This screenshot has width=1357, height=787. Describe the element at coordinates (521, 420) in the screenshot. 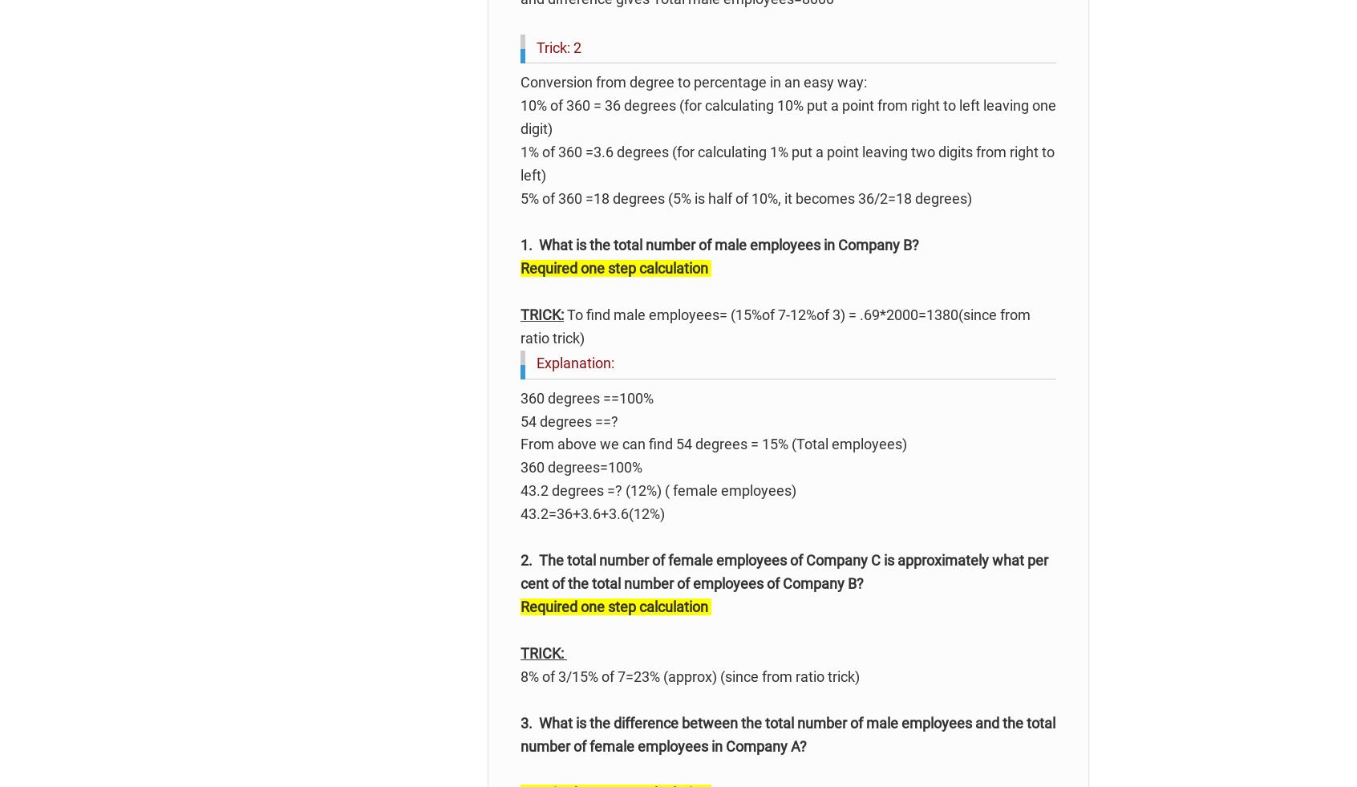

I see `'54 degrees ==?'` at that location.